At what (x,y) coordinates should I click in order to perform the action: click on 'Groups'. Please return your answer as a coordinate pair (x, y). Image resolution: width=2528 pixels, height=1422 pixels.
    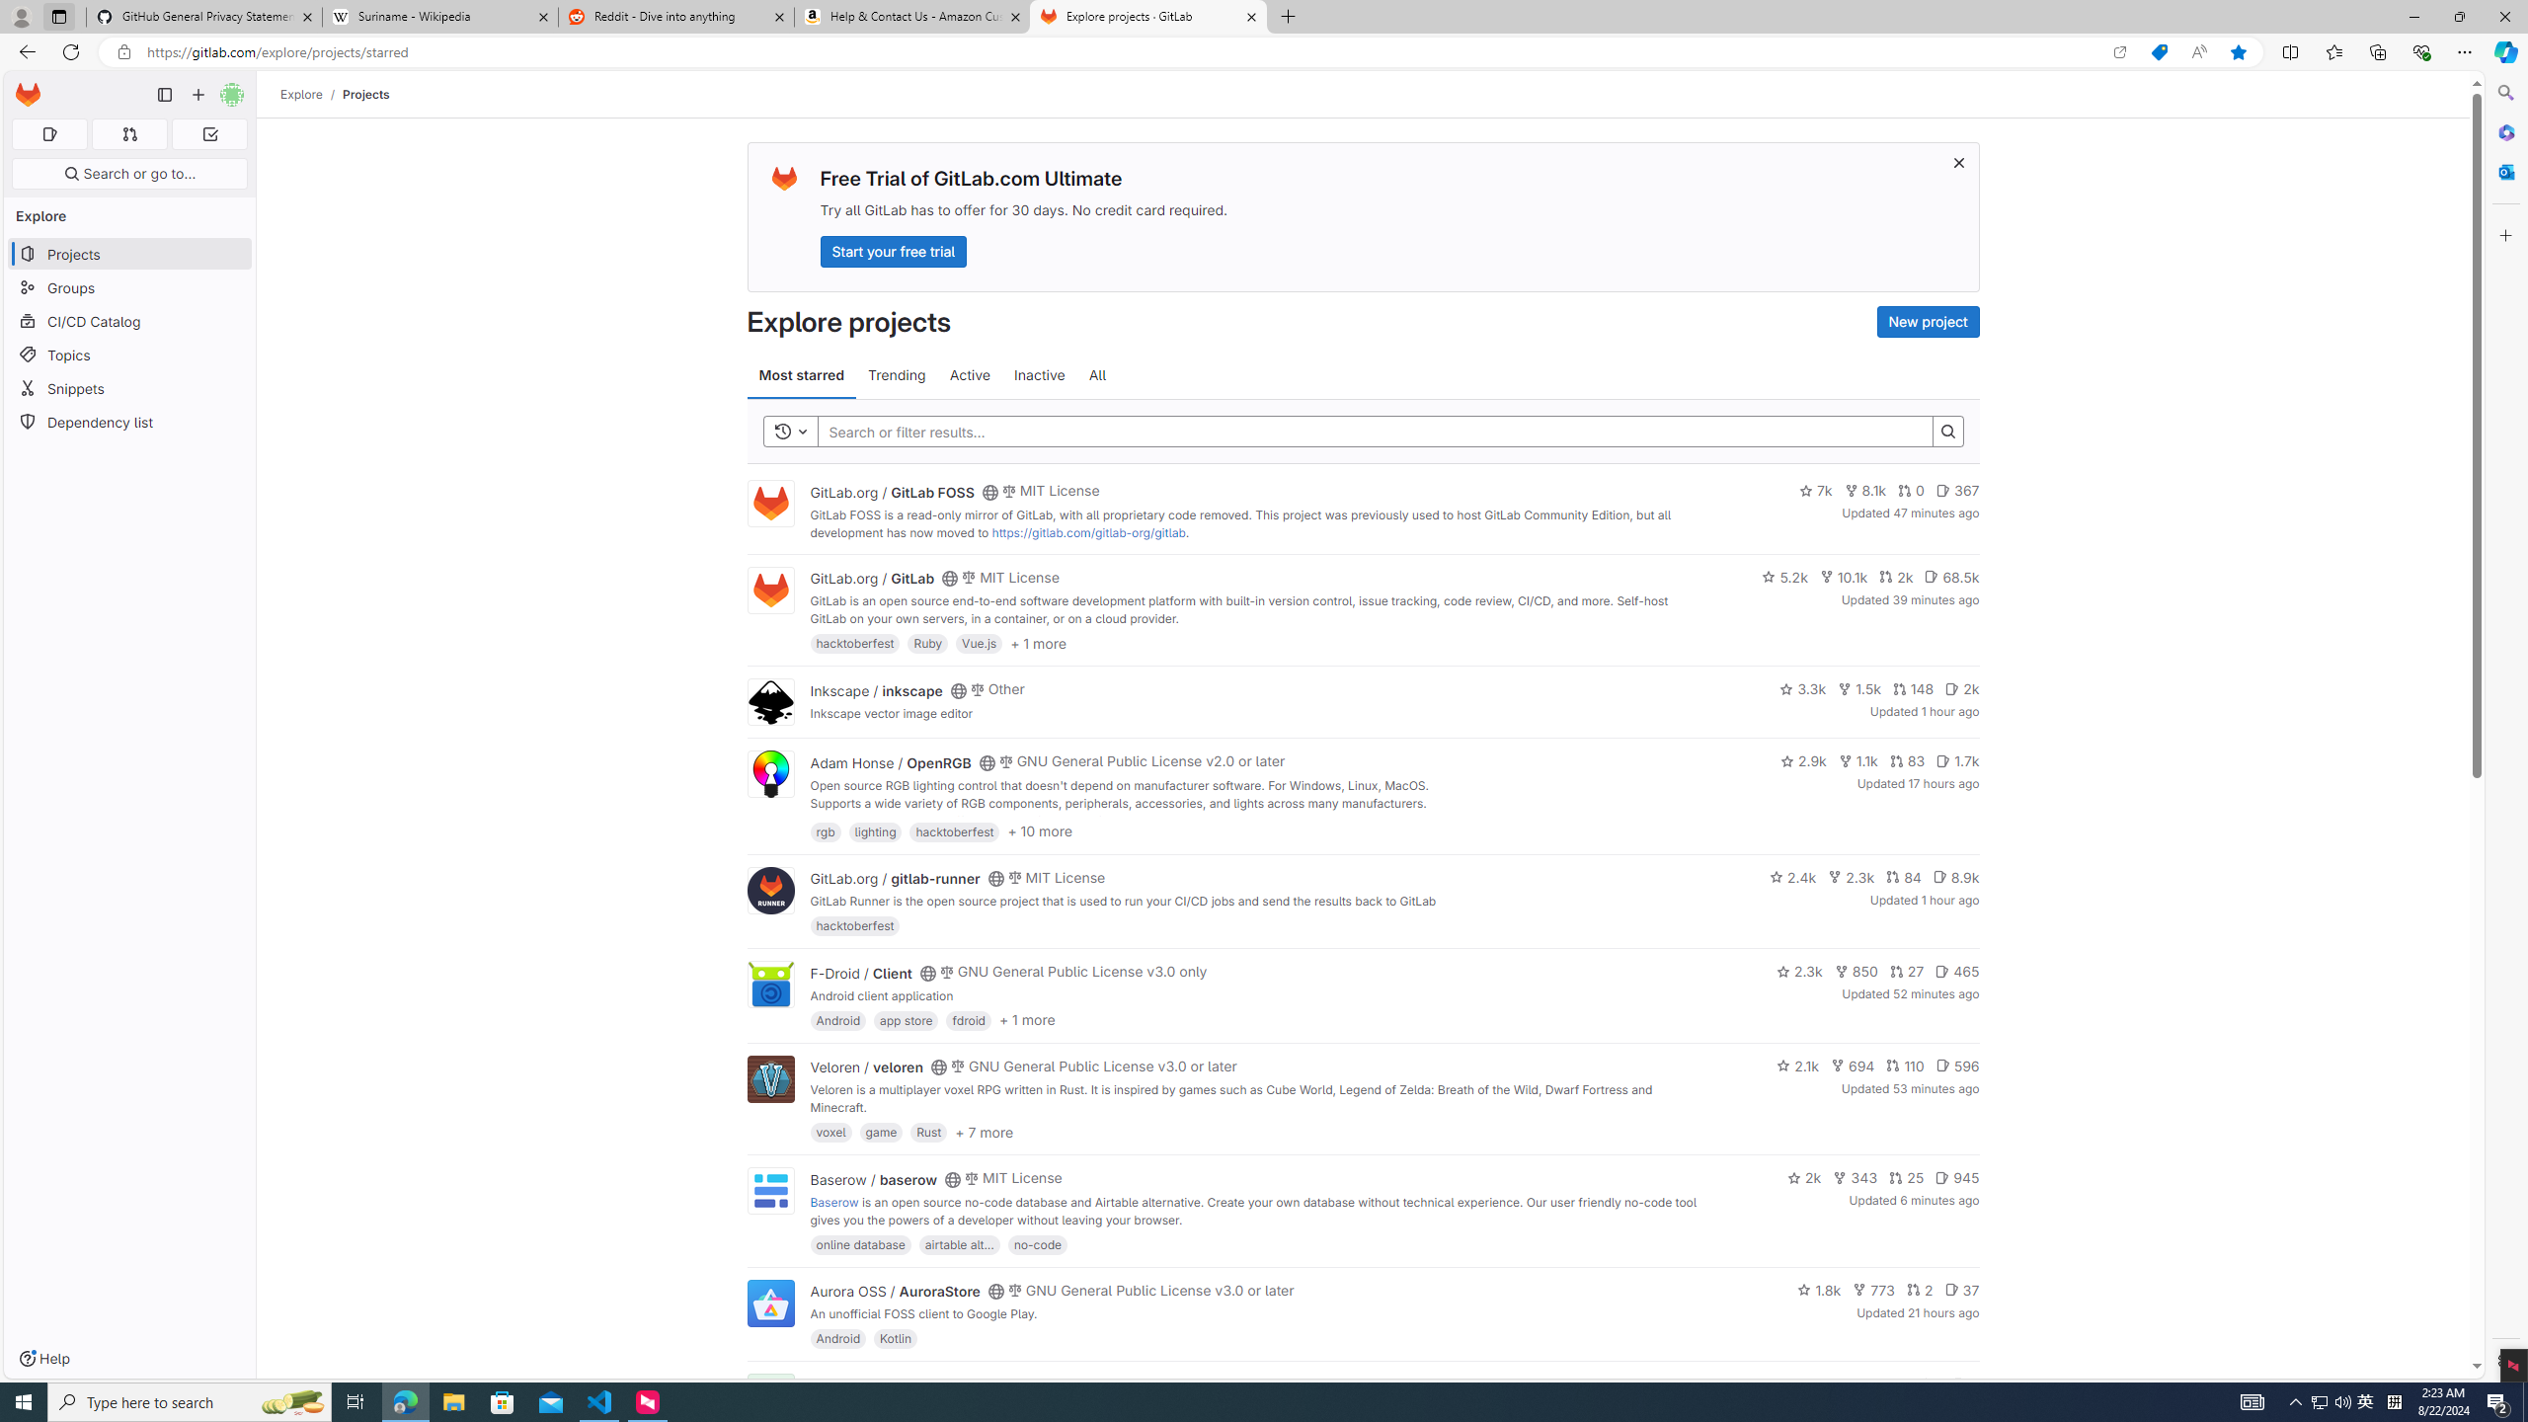
    Looking at the image, I should click on (128, 287).